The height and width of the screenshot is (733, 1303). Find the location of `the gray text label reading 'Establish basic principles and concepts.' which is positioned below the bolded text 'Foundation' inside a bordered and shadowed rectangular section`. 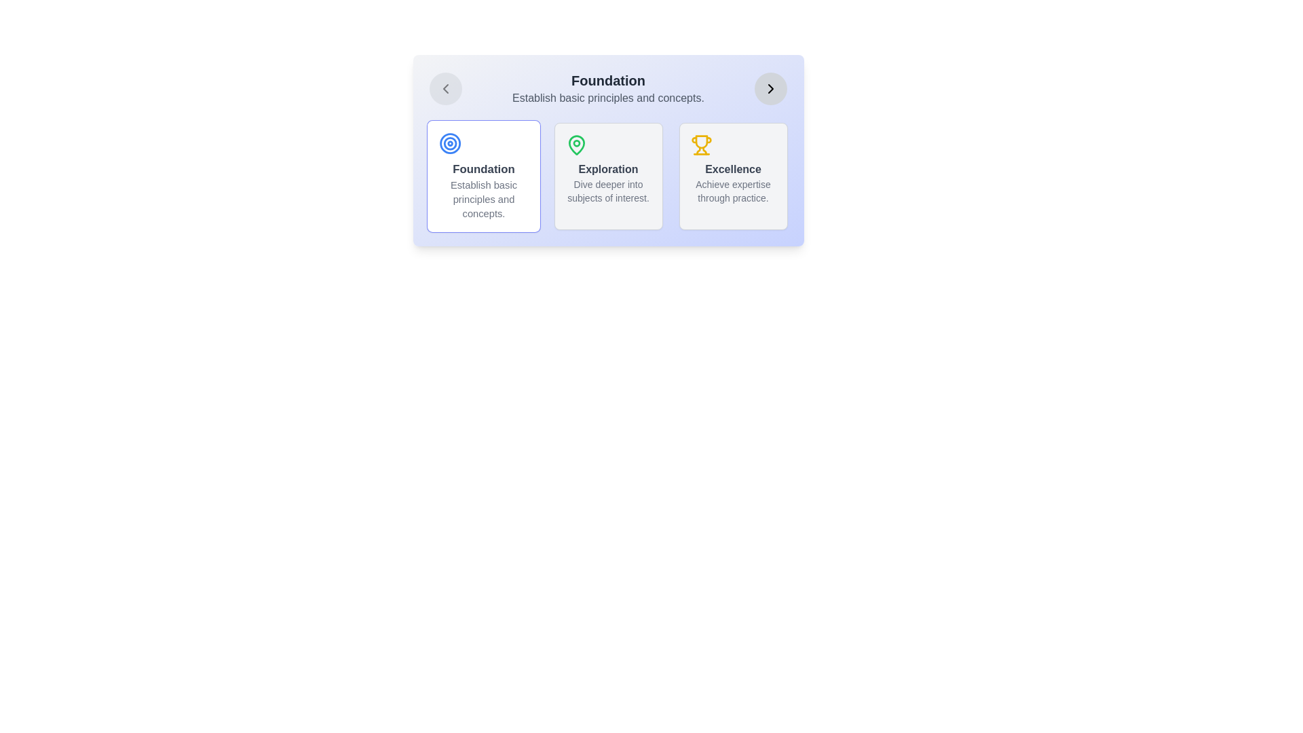

the gray text label reading 'Establish basic principles and concepts.' which is positioned below the bolded text 'Foundation' inside a bordered and shadowed rectangular section is located at coordinates (483, 199).